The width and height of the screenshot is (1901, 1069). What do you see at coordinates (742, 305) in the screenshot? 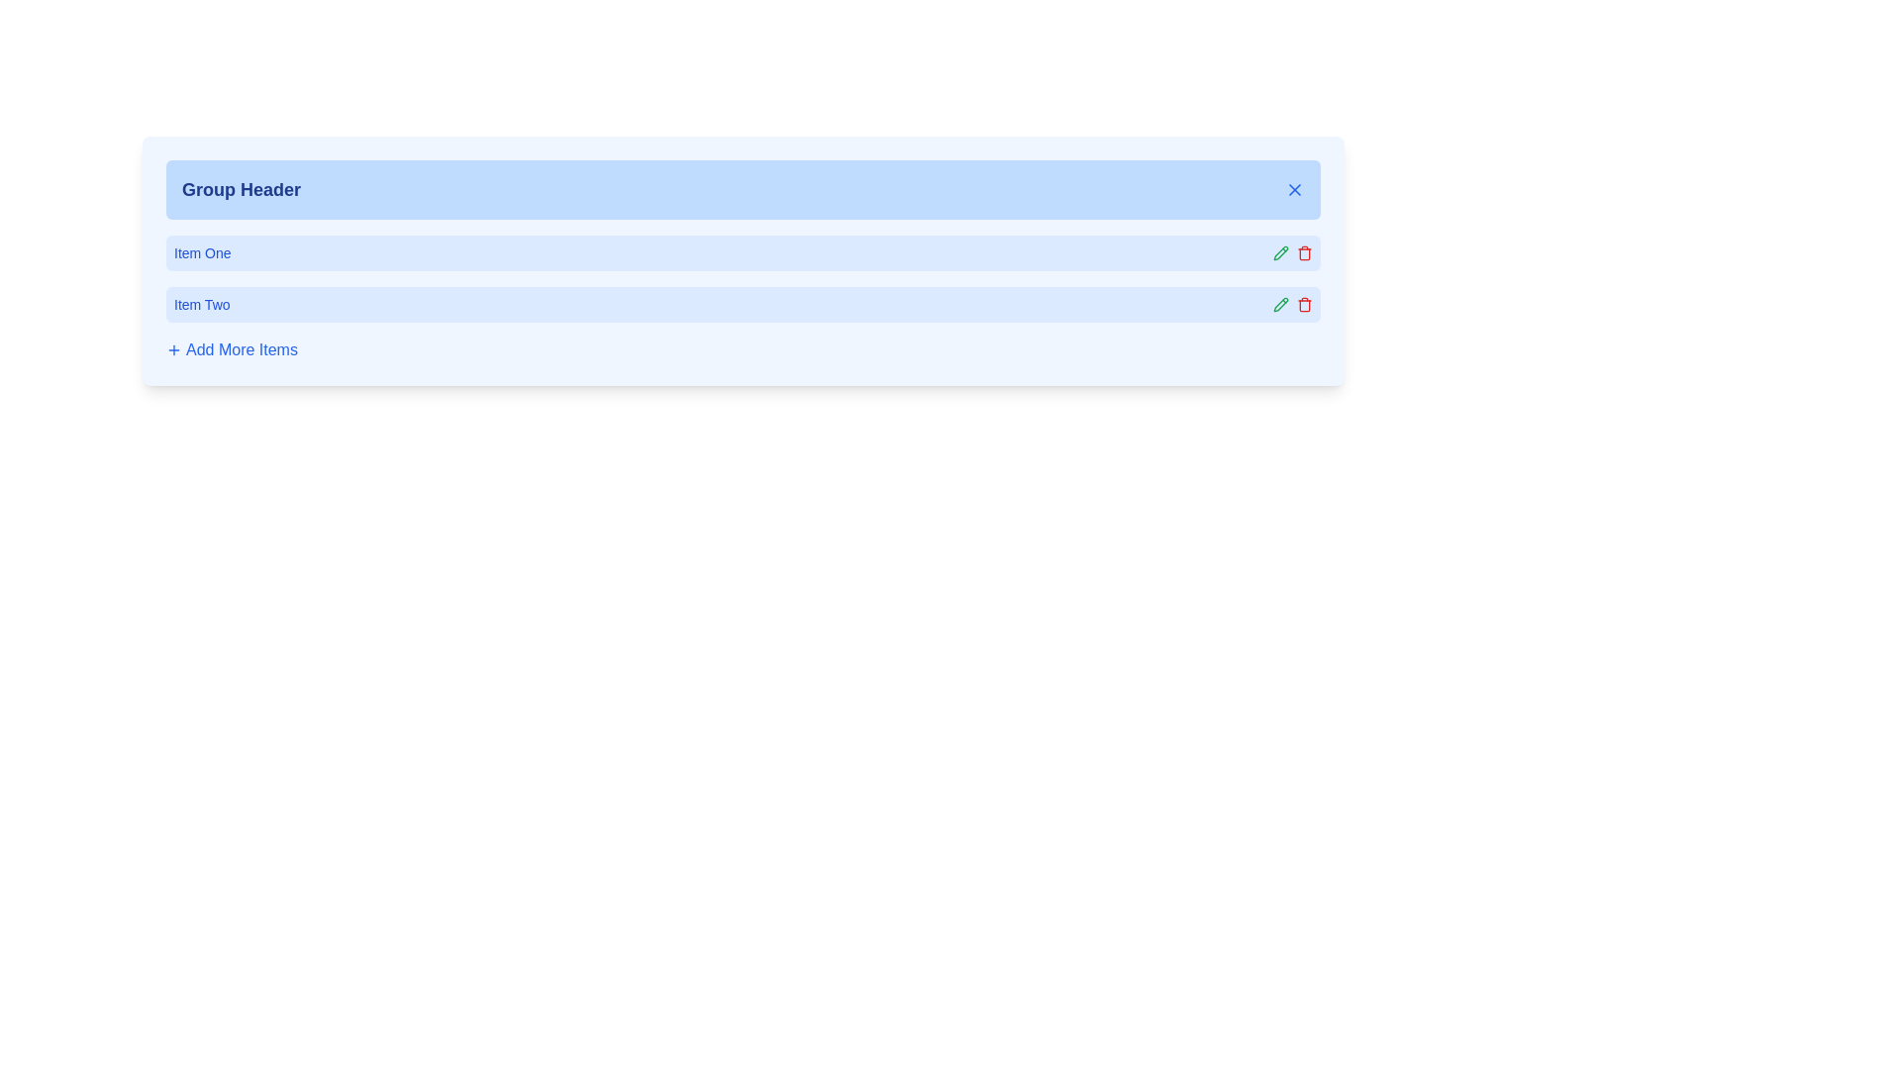
I see `the list item displaying 'Item Two', which includes edit and delete icons on the right side` at bounding box center [742, 305].